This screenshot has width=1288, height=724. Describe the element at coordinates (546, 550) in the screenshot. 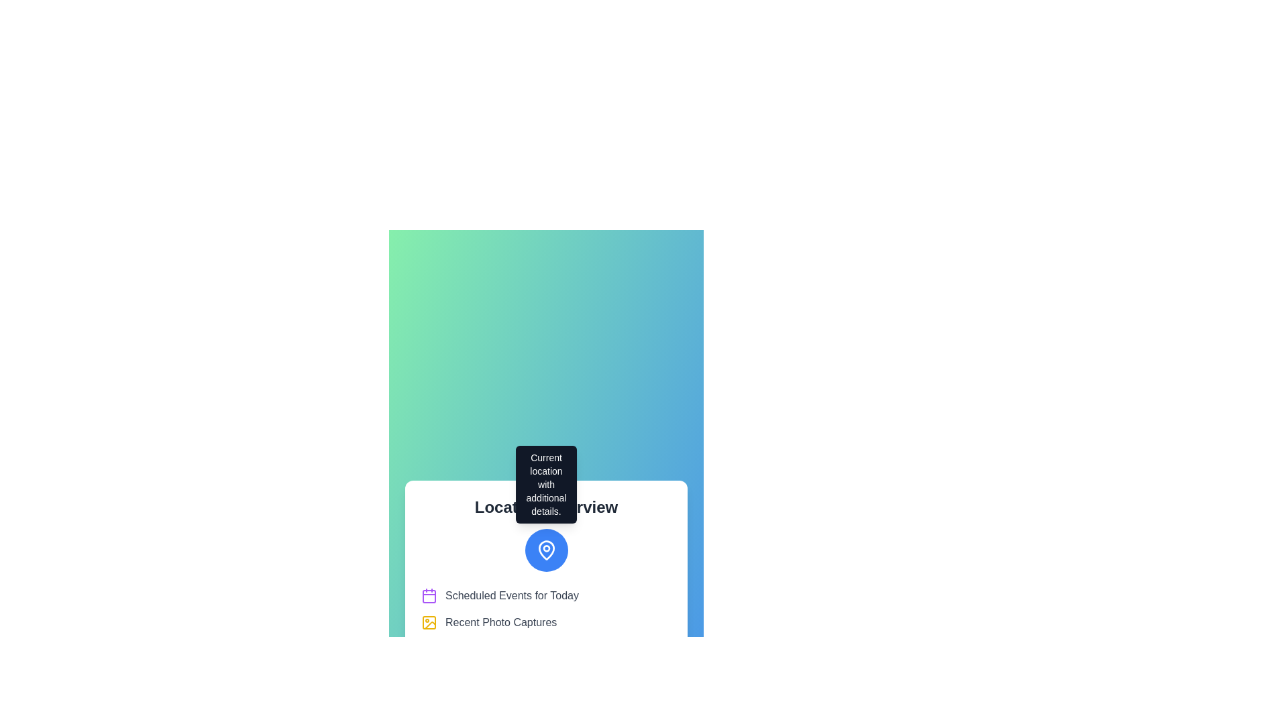

I see `the circular button with a blue background and white pin symbol to trigger the tooltip display` at that location.